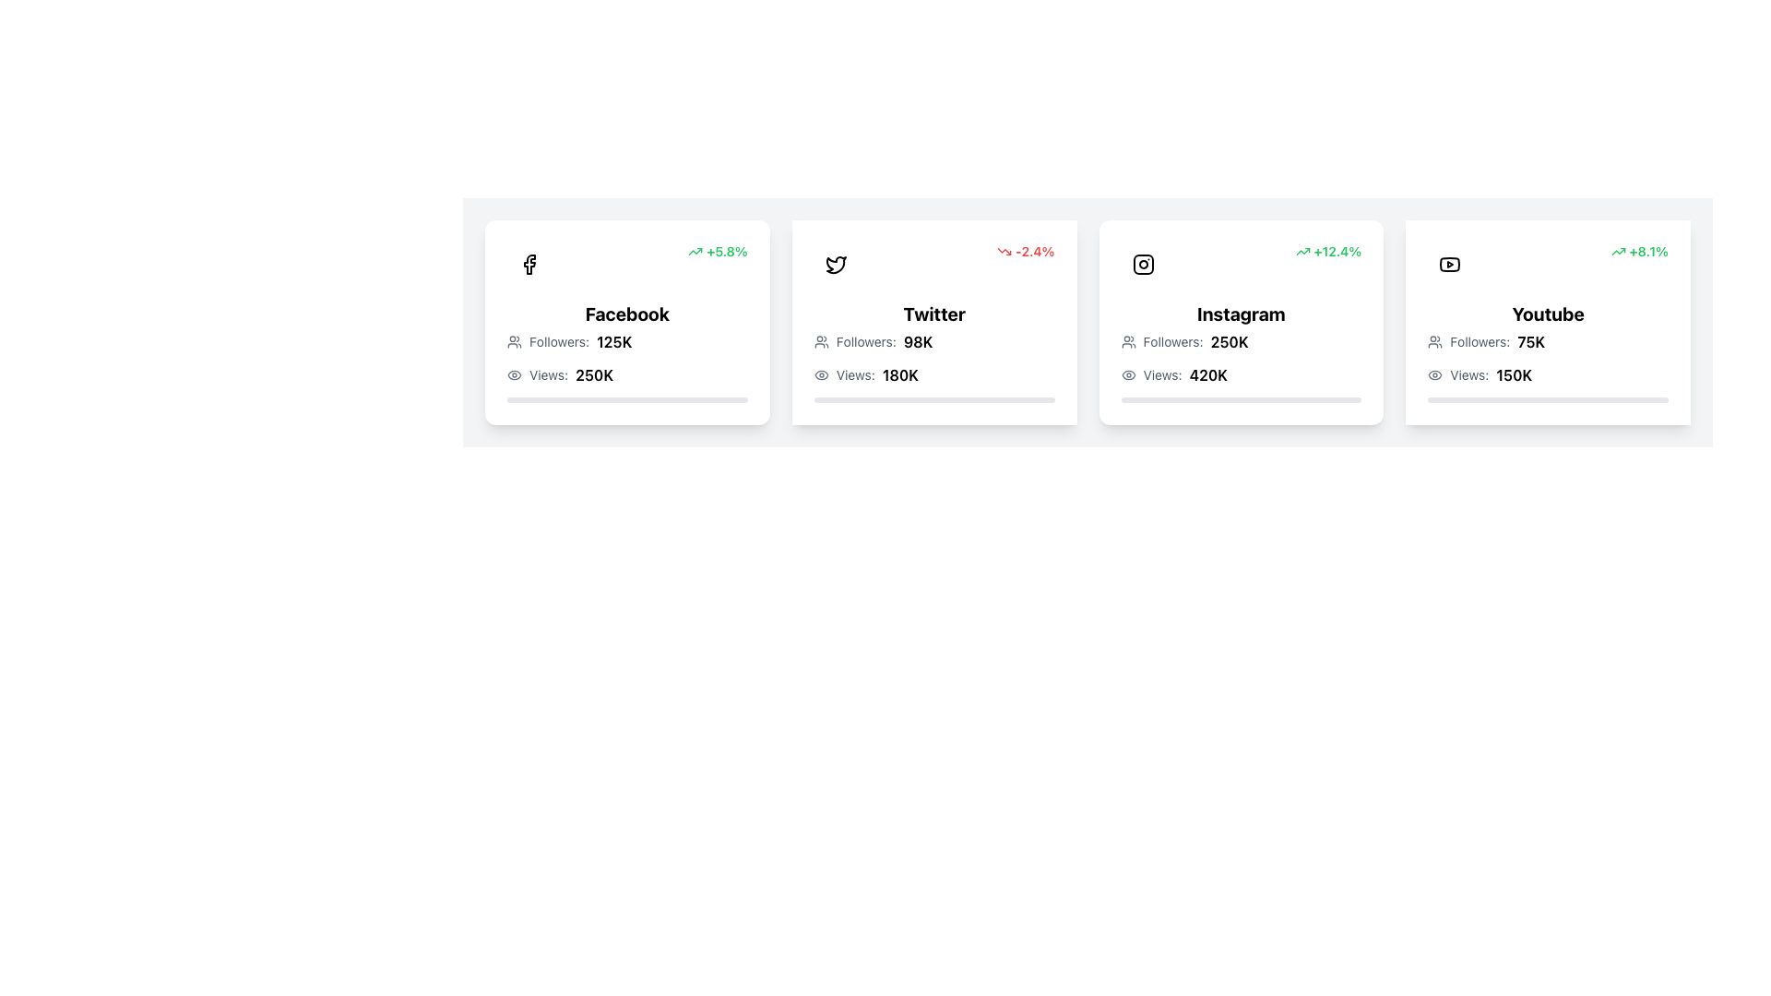 The height and width of the screenshot is (996, 1771). What do you see at coordinates (1127, 374) in the screenshot?
I see `the stylized eye icon located to the left of the 'Views' label (420K views) in the Instagram section` at bounding box center [1127, 374].